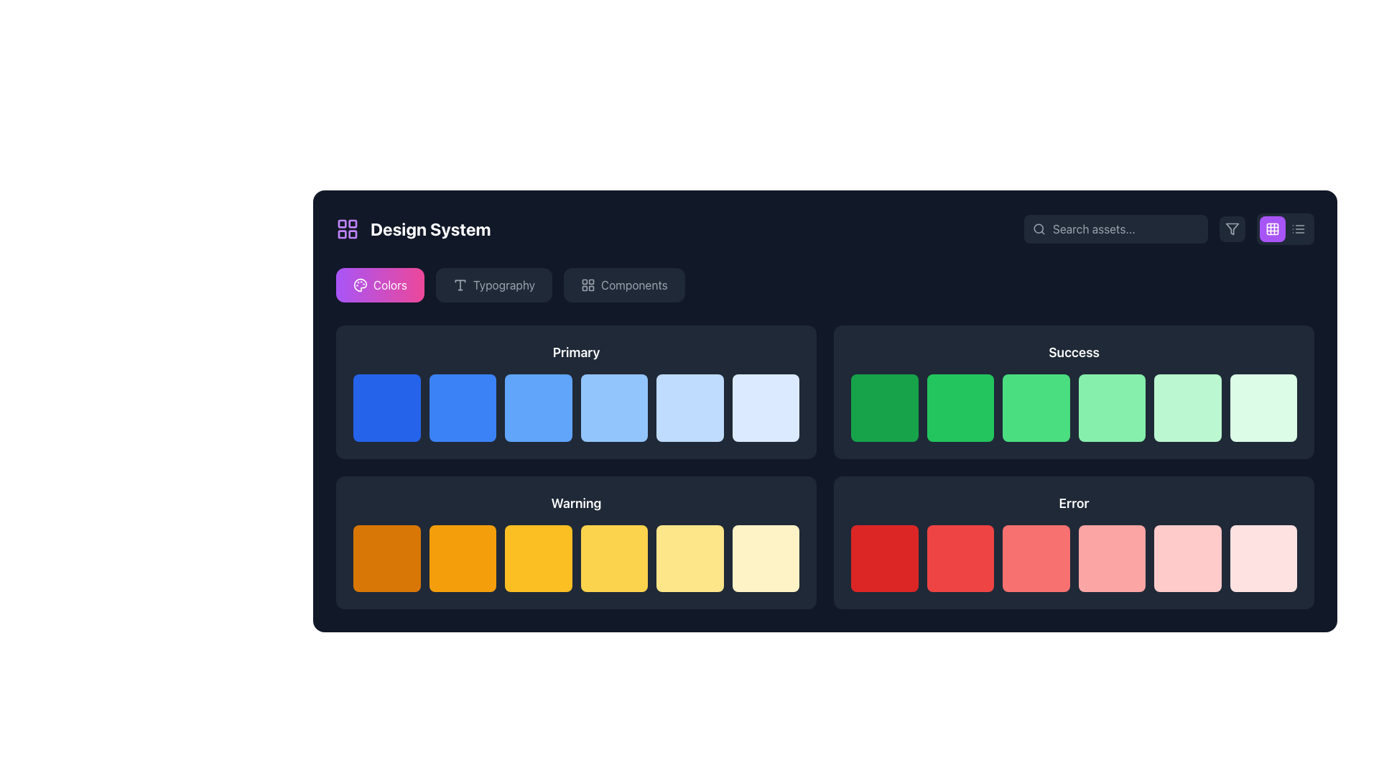  What do you see at coordinates (576, 558) in the screenshot?
I see `the vibrant yellow color swatch, which is the third box from the left in the horizontal grid of six color boxes under the 'Warning' section` at bounding box center [576, 558].